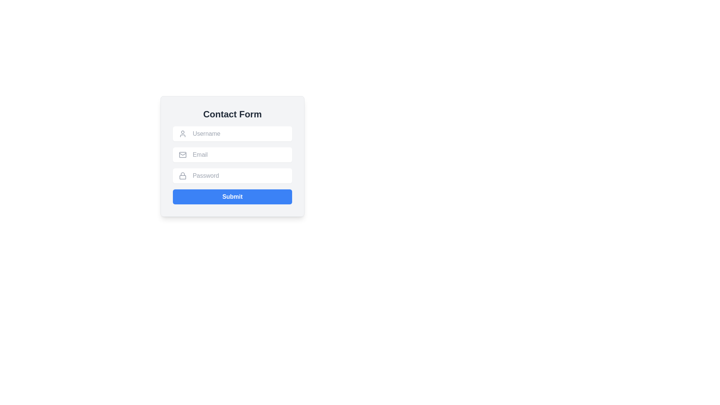 The image size is (720, 405). Describe the element at coordinates (232, 196) in the screenshot. I see `the 'Submit' button located at the bottom of the contact form to trigger its visual hover state` at that location.